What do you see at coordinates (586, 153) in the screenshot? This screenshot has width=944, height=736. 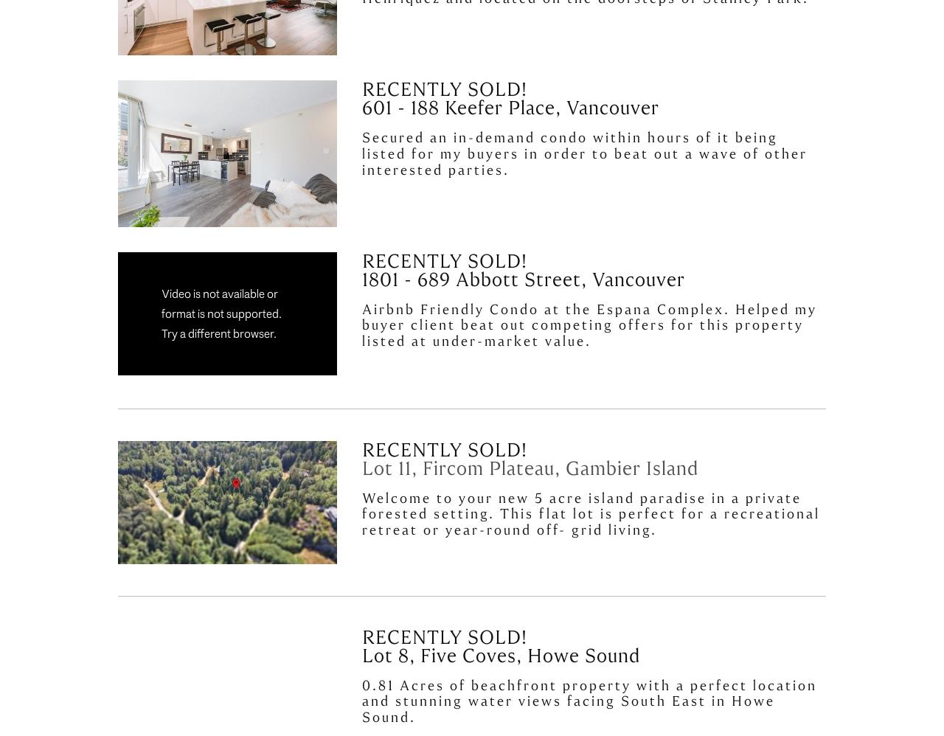 I see `'Secured an in-demand condo within hours of it being listed for my buyers in order to beat out a wave of other interested parties.'` at bounding box center [586, 153].